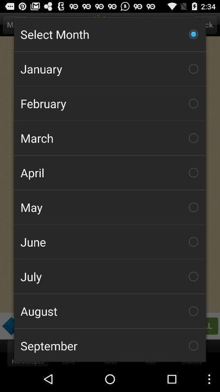  Describe the element at coordinates (110, 207) in the screenshot. I see `may icon` at that location.